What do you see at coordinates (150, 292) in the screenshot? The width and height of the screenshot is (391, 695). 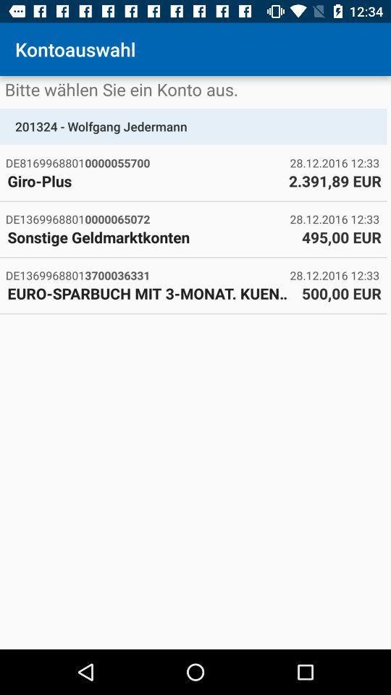 I see `euro sparbuch mit item` at bounding box center [150, 292].